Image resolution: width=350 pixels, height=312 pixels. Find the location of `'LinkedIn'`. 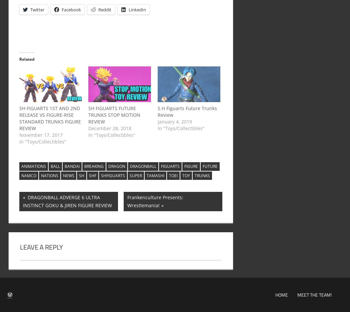

'LinkedIn' is located at coordinates (137, 9).